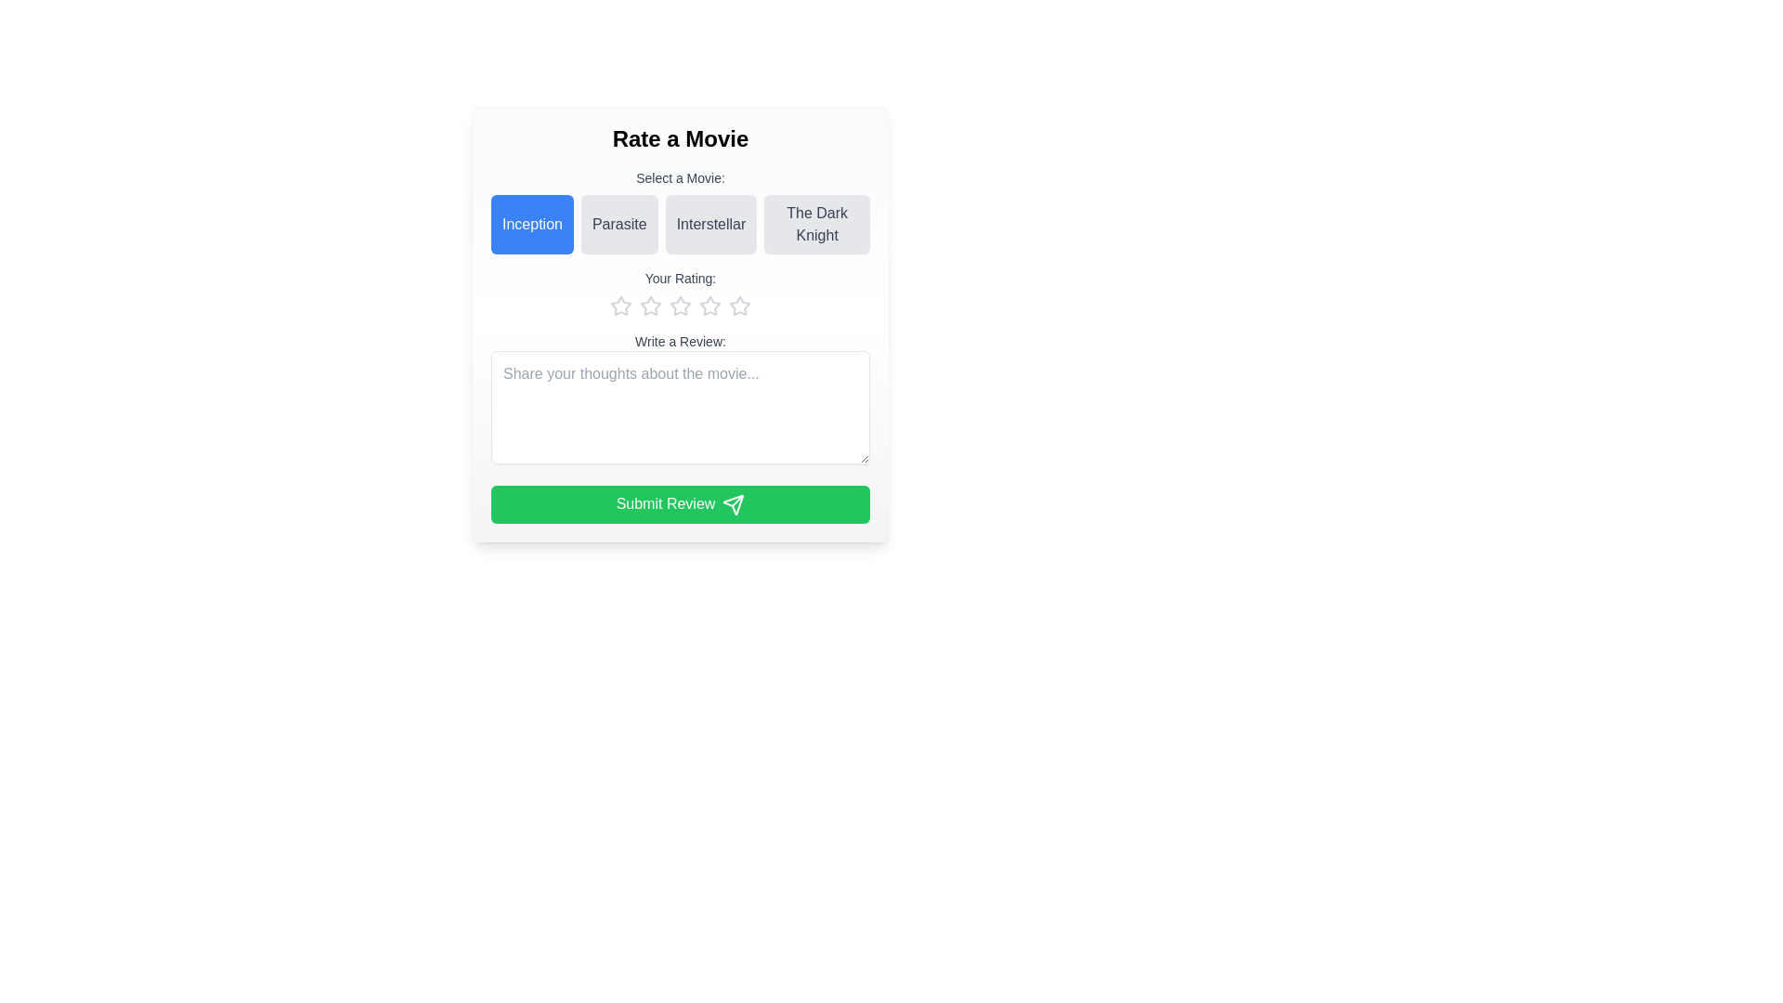  What do you see at coordinates (733, 504) in the screenshot?
I see `the paper airplane icon located inside the green 'Submit Review' button` at bounding box center [733, 504].